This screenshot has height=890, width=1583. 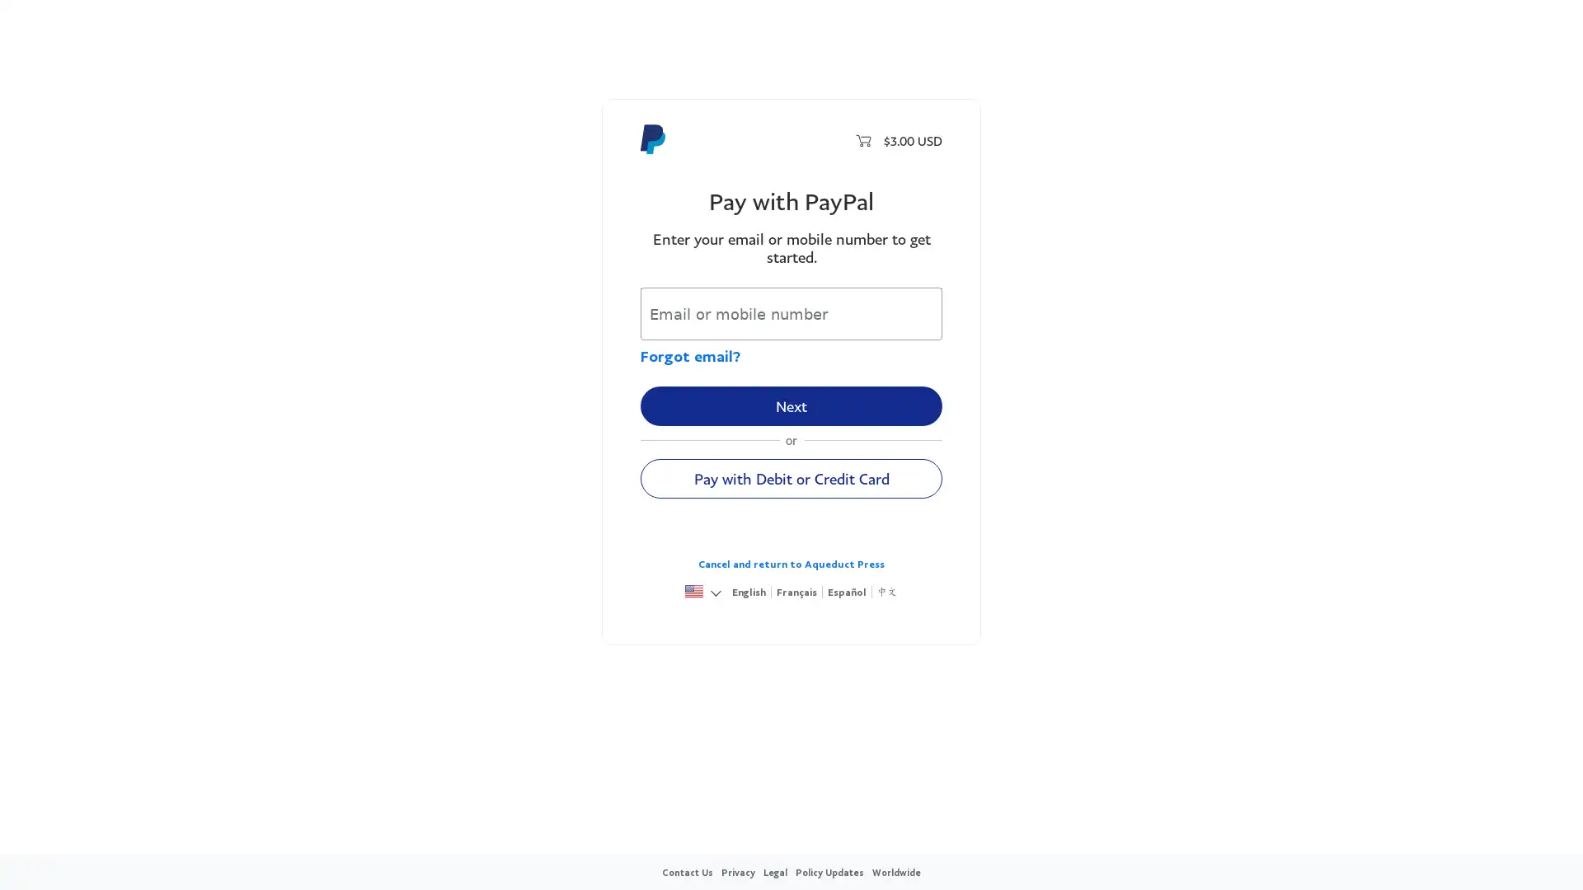 I want to click on Pay with Debit or Credit Card, so click(x=791, y=479).